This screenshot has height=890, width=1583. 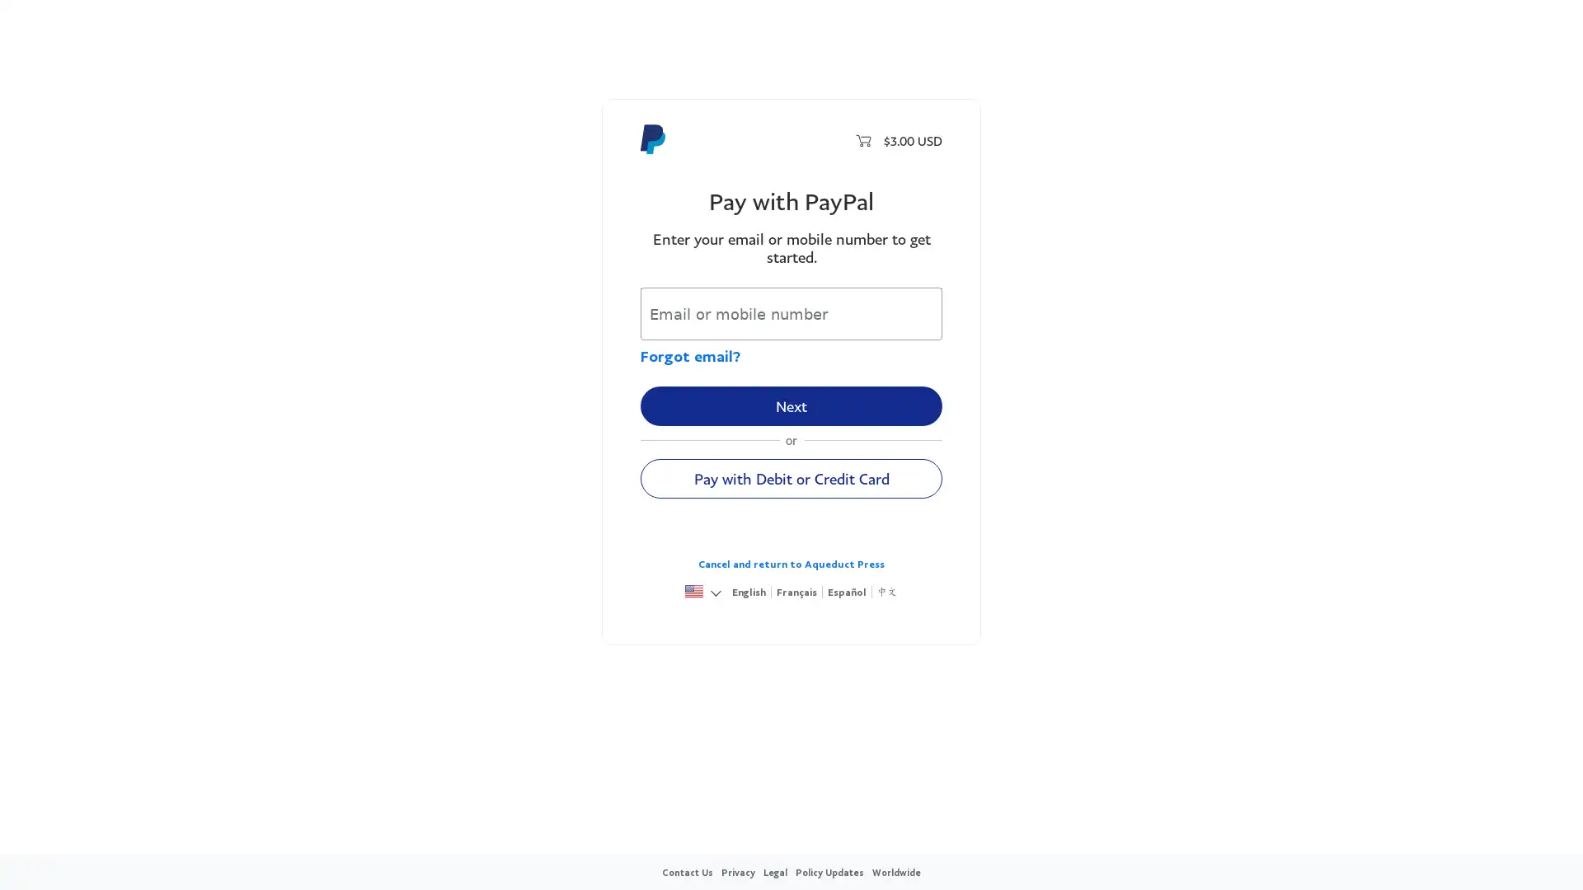 I want to click on Pay with Debit or Credit Card, so click(x=791, y=479).